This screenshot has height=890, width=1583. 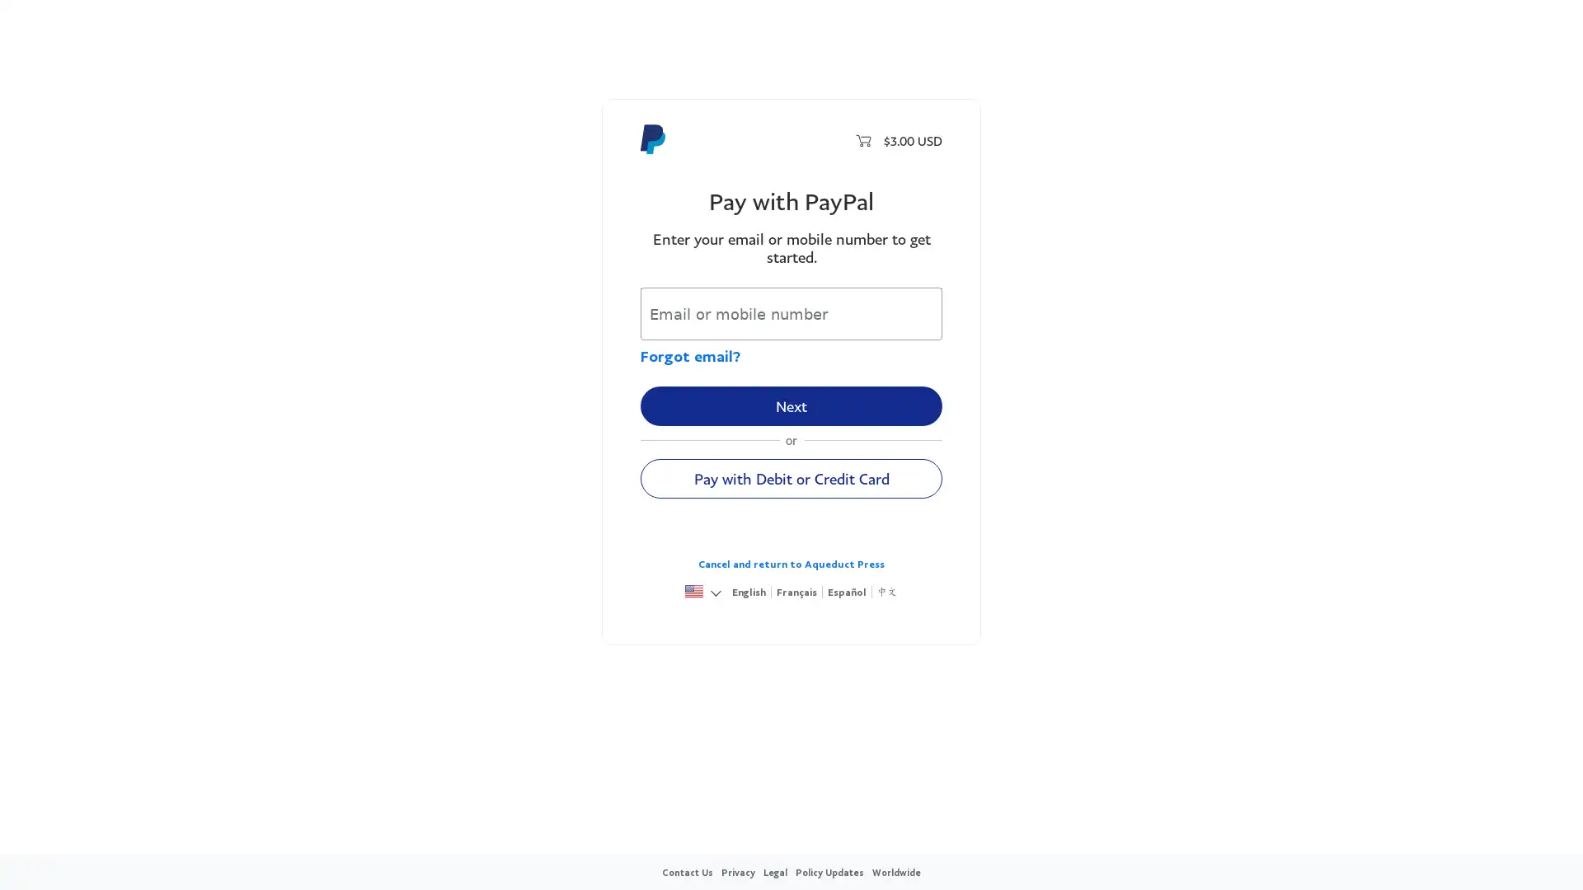 I want to click on Pay with Debit or Credit Card, so click(x=791, y=479).